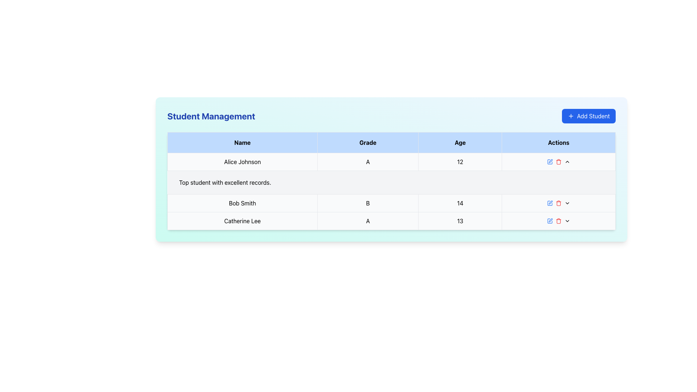  Describe the element at coordinates (550, 203) in the screenshot. I see `the square base of the SVG icon in the 'Actions' column of the student management table` at that location.